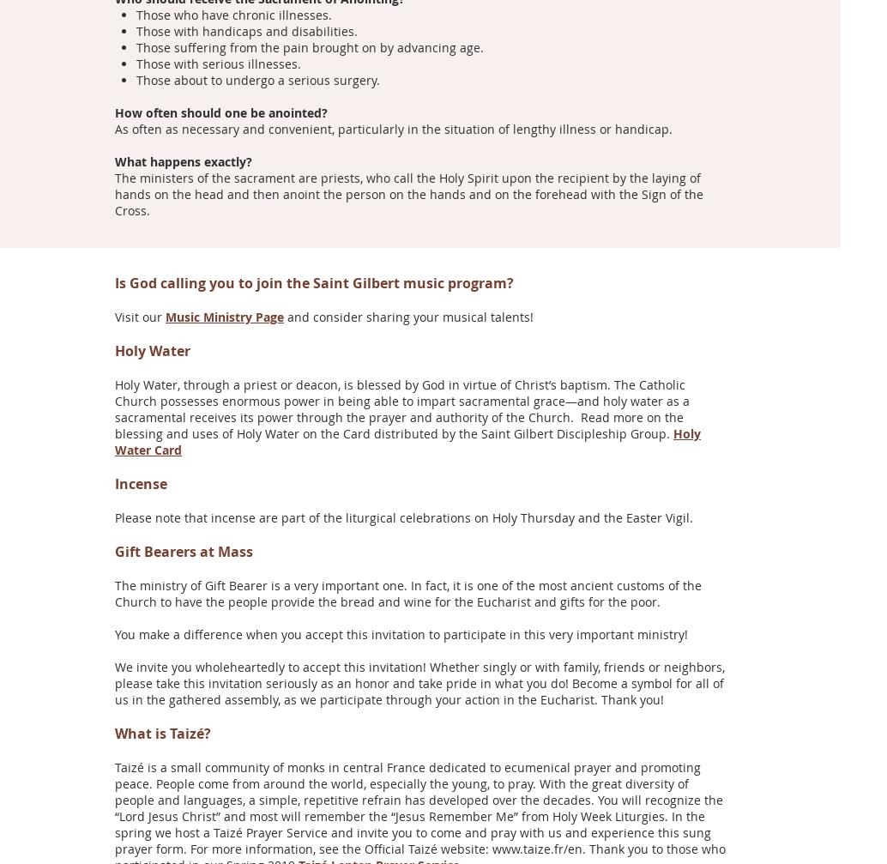 Image resolution: width=887 pixels, height=864 pixels. I want to click on 'Those about to undergo a serious surgery.', so click(256, 79).